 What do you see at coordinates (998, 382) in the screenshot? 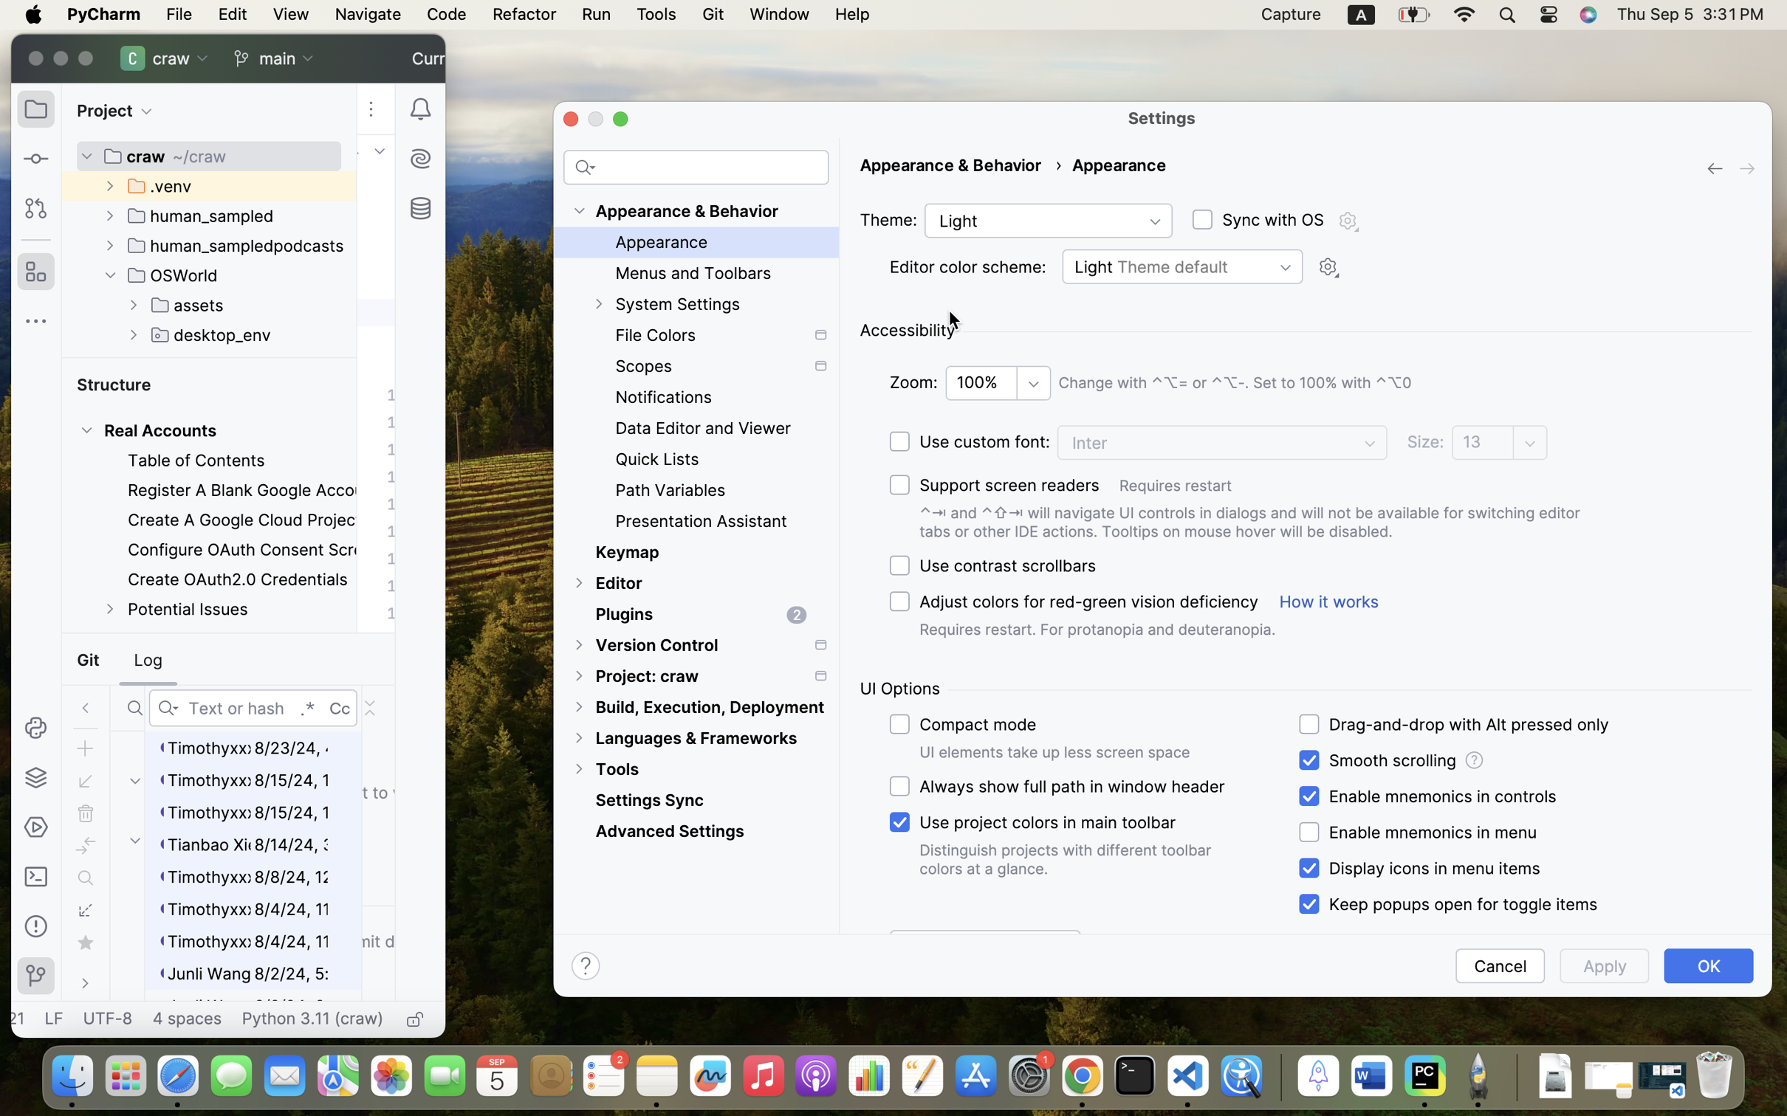
I see `'100%'` at bounding box center [998, 382].